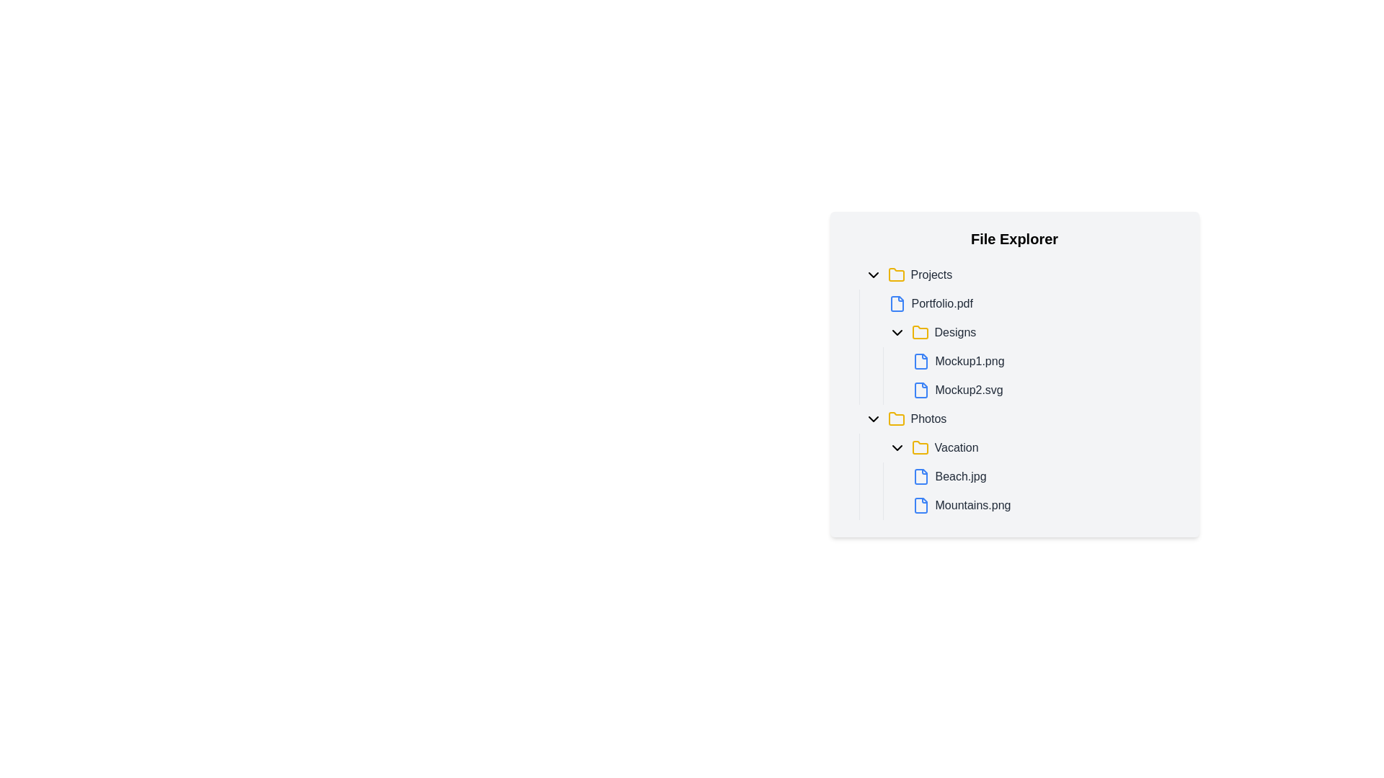 The image size is (1384, 778). I want to click on the static text label that displays the name of a file, located in the file explorer interface, positioned to the right of the file-type icon, so click(961, 477).